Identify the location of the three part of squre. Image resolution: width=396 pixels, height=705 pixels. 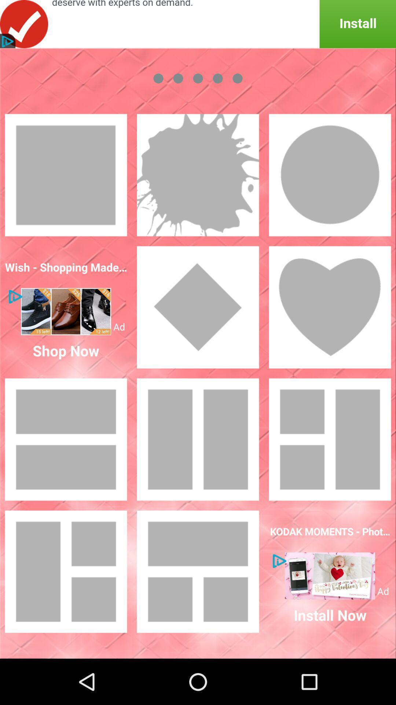
(66, 571).